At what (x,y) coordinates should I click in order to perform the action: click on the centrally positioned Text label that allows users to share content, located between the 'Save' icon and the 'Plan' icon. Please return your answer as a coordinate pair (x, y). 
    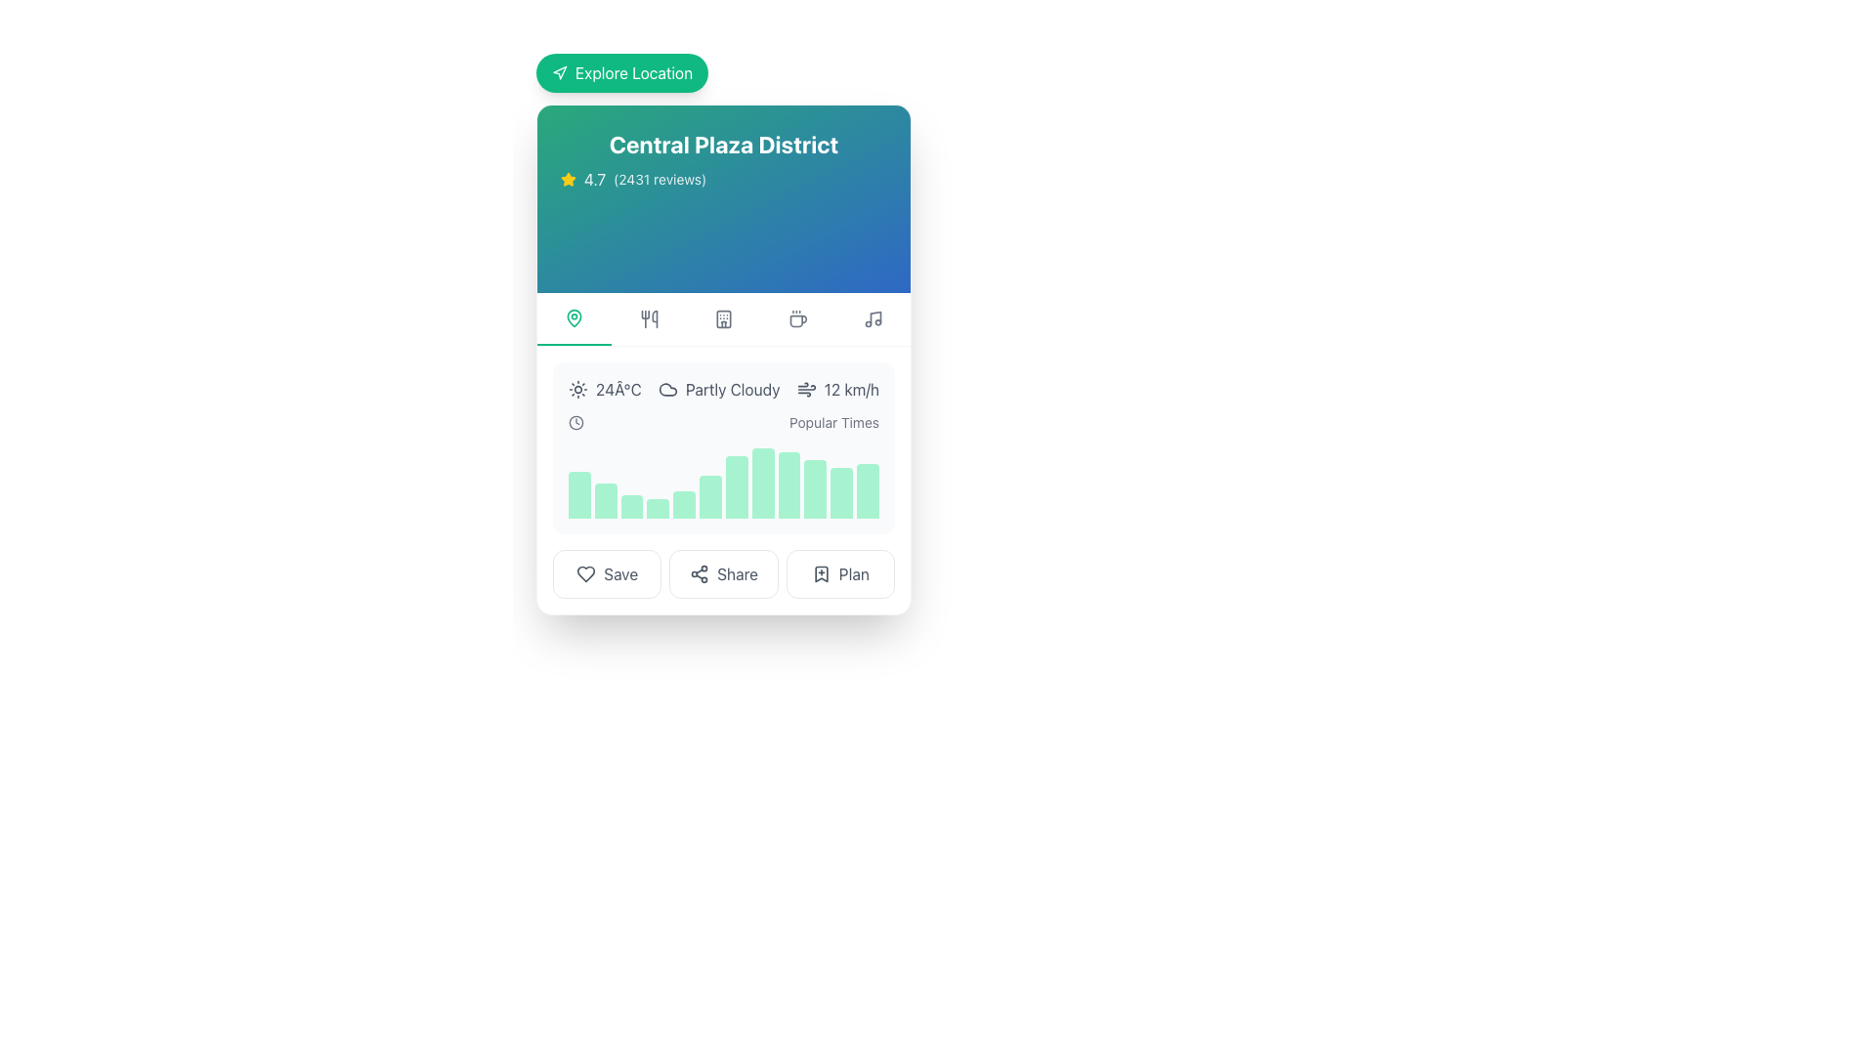
    Looking at the image, I should click on (736, 572).